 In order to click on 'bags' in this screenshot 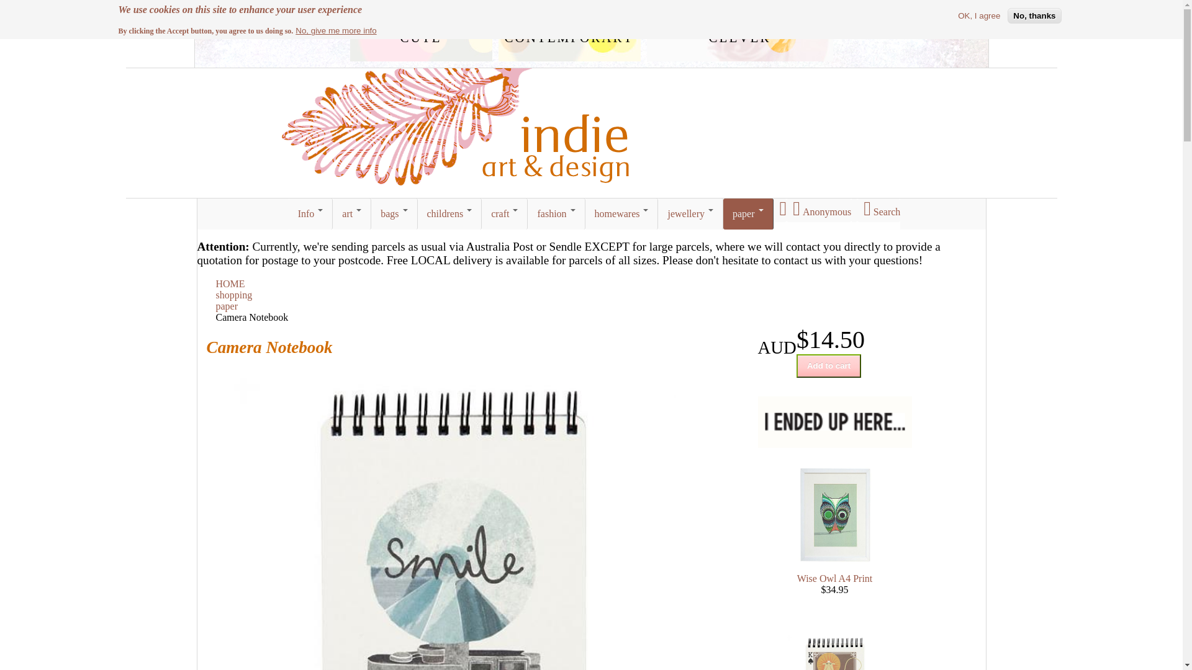, I will do `click(393, 213)`.